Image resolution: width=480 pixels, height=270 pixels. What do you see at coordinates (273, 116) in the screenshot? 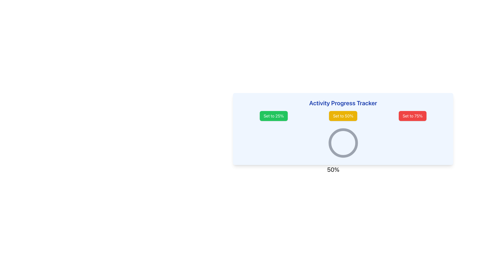
I see `the leftmost button labeled 'Set to 25%' to set a parameter value to 25%` at bounding box center [273, 116].